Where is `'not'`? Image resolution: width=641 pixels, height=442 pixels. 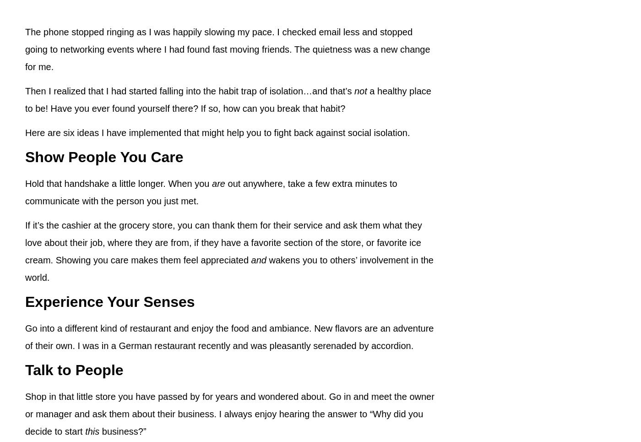
'not' is located at coordinates (360, 91).